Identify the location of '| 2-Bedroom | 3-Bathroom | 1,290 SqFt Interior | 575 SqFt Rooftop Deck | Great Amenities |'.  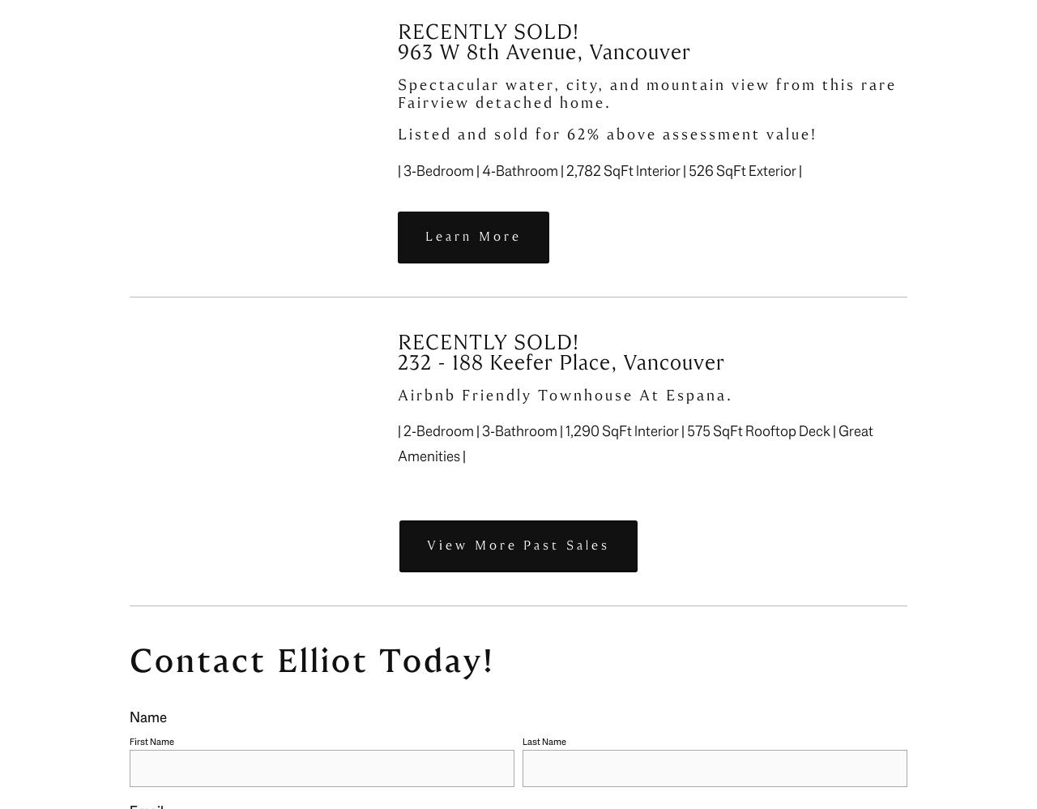
(636, 443).